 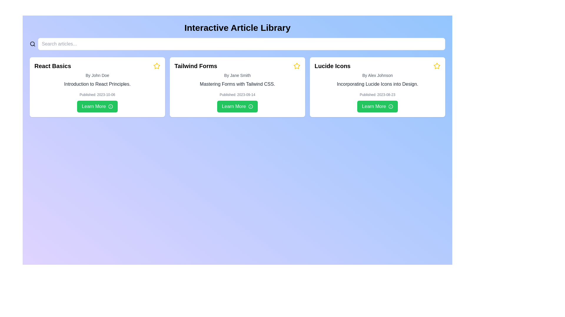 I want to click on the 'Learn More' button with a bold green background and white text, located centrally at the bottom of the 'Lucide Icons' card, so click(x=377, y=106).